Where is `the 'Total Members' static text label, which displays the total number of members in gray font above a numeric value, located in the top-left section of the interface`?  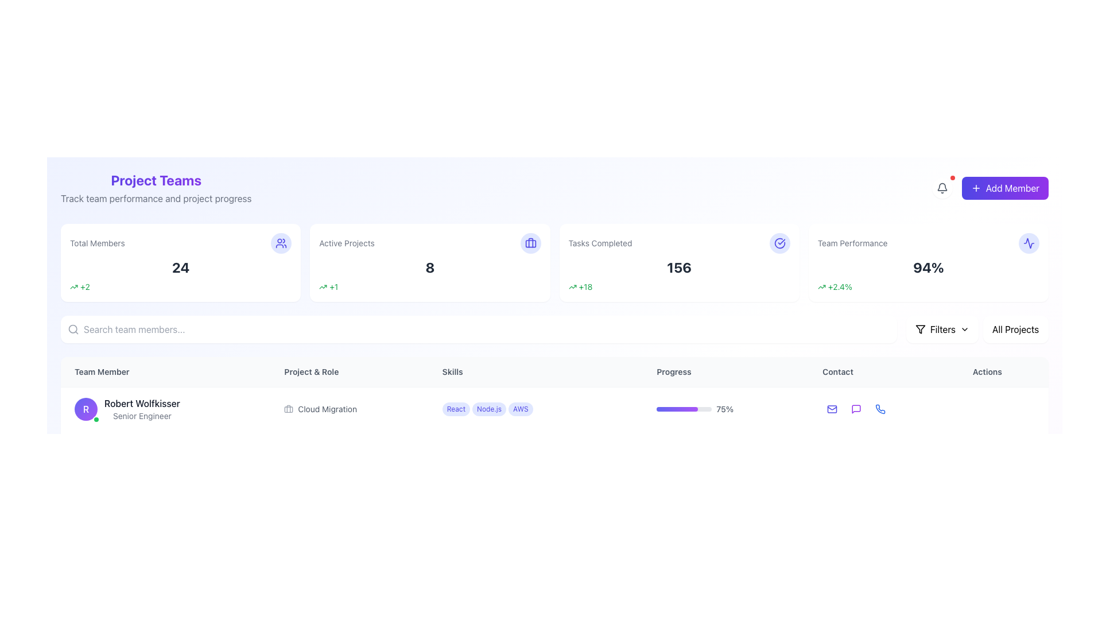 the 'Total Members' static text label, which displays the total number of members in gray font above a numeric value, located in the top-left section of the interface is located at coordinates (97, 243).